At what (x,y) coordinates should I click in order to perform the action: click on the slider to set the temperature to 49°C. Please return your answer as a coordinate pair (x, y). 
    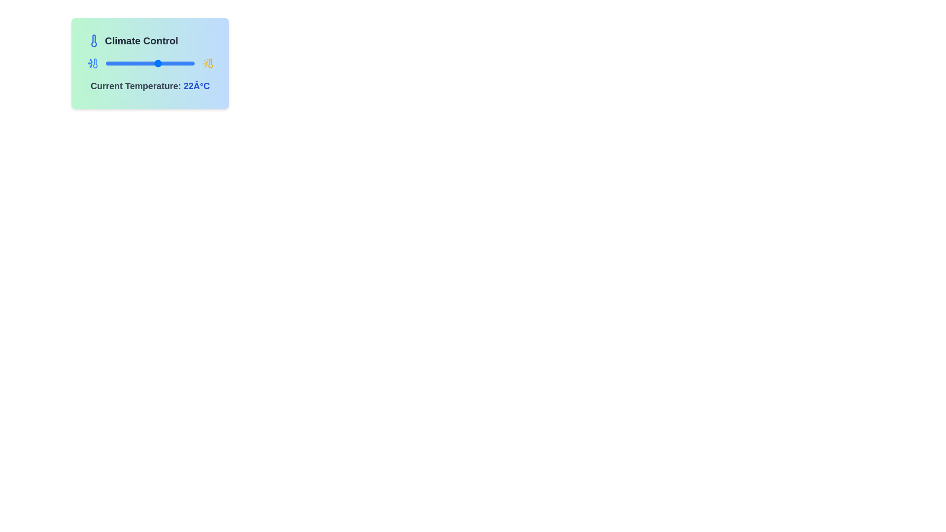
    Looking at the image, I should click on (193, 63).